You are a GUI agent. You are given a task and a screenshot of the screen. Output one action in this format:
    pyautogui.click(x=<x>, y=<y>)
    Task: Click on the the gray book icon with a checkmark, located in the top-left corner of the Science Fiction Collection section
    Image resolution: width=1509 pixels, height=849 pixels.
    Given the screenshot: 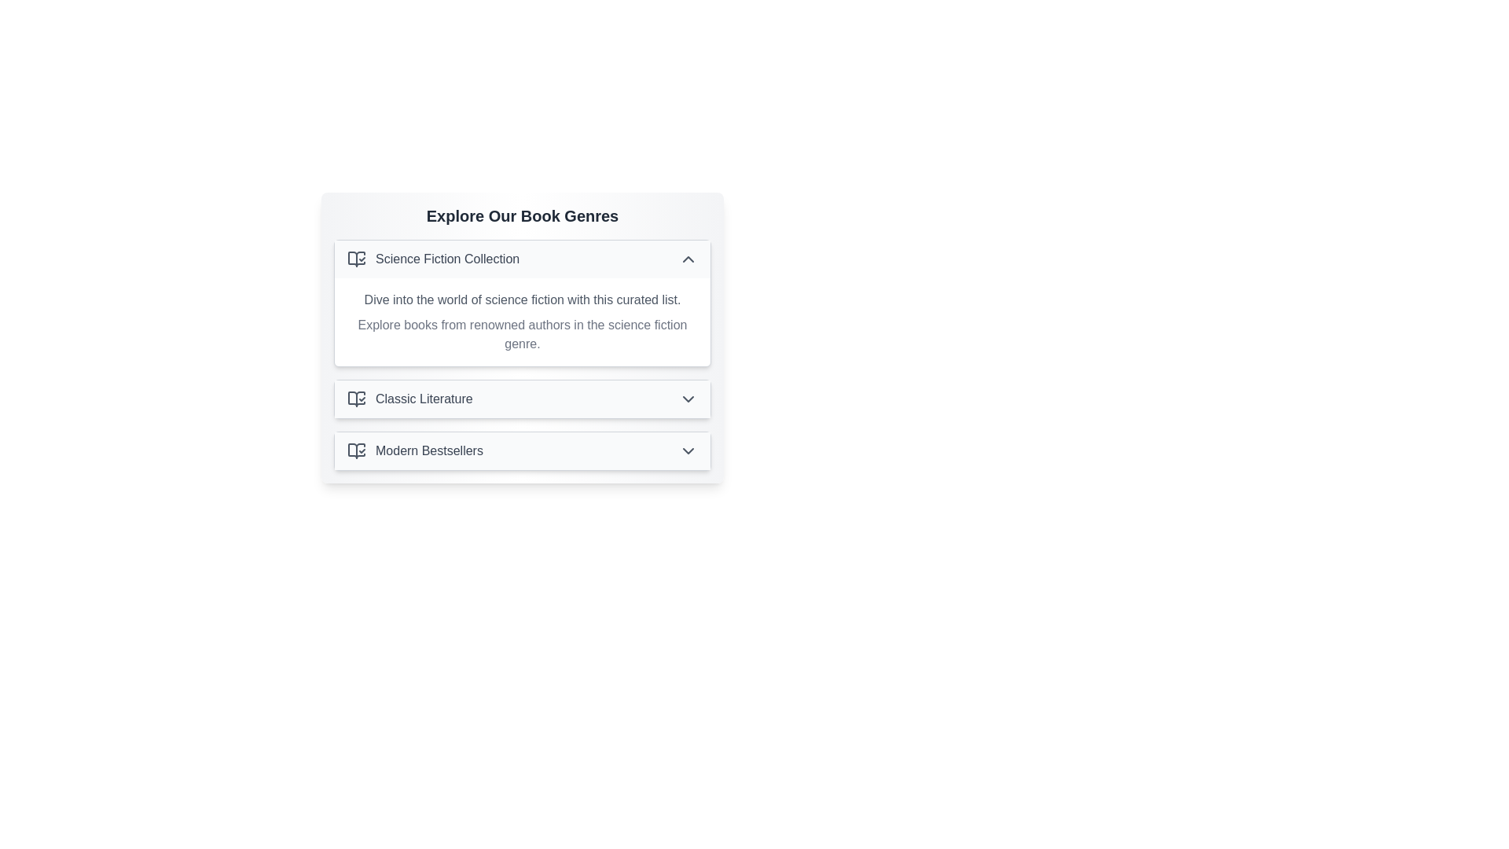 What is the action you would take?
    pyautogui.click(x=356, y=259)
    